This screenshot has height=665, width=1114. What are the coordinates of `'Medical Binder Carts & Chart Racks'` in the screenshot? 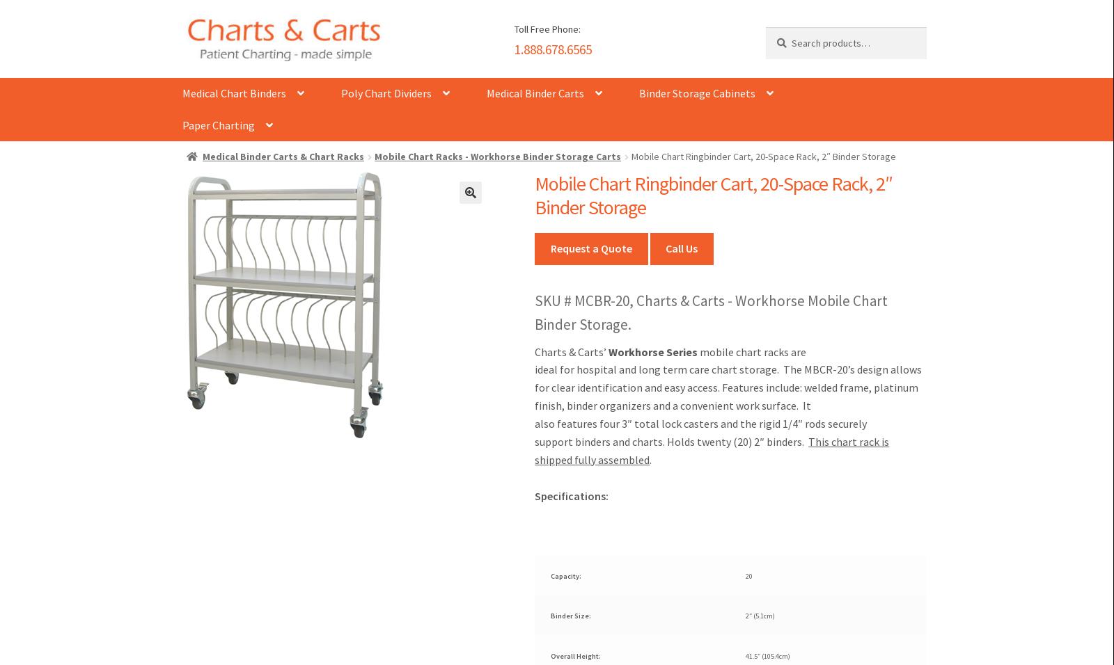 It's located at (203, 157).